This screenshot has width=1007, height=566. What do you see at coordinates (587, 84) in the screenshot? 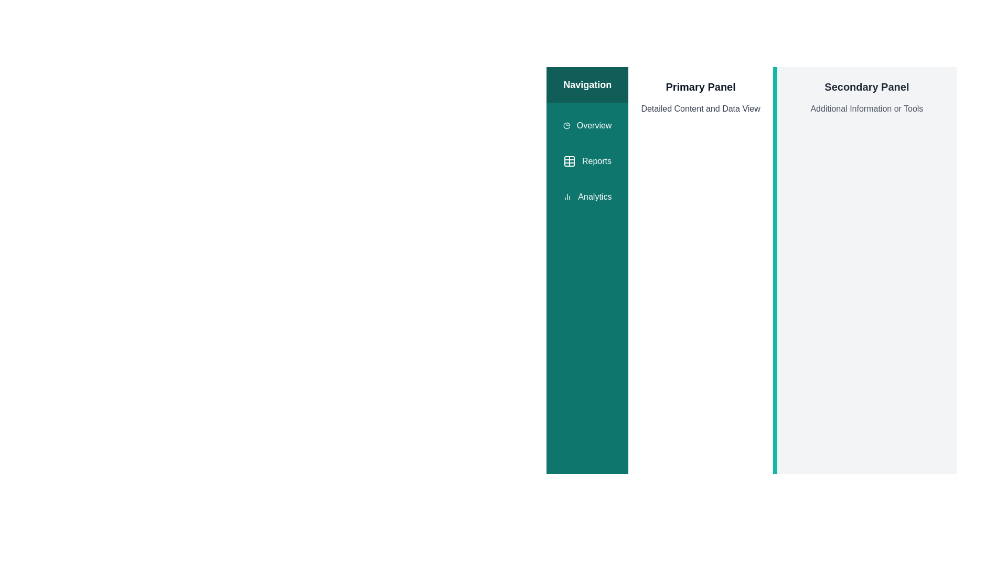
I see `the static header label located in the top-left section of the navigation panel, which guides the user by indicating its purpose` at bounding box center [587, 84].